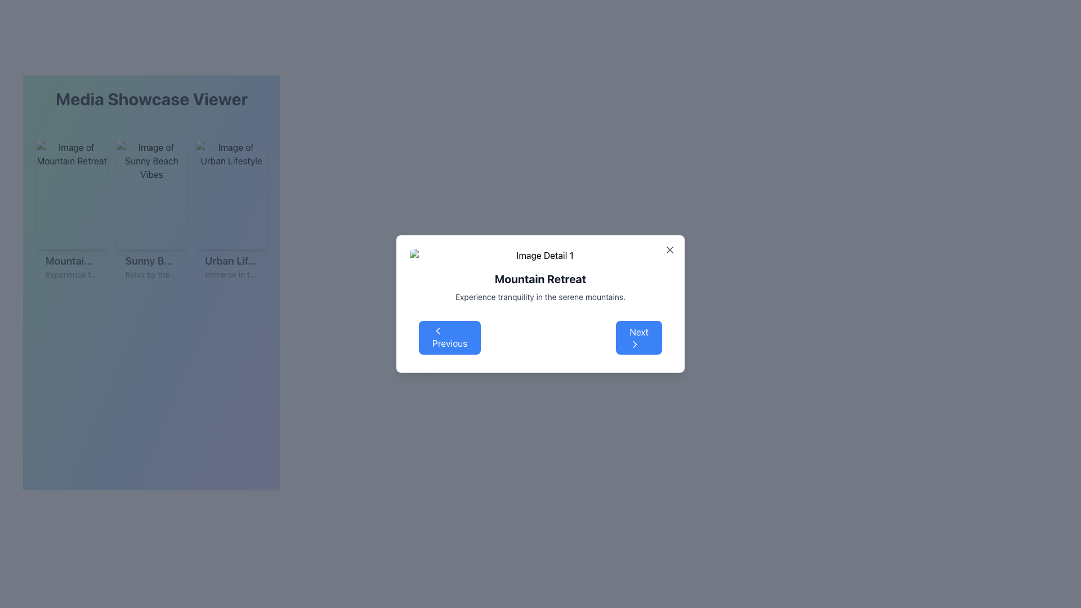  I want to click on the close button icon located in the top-right corner of the 'Image Detail 1' dialog box, so click(670, 249).